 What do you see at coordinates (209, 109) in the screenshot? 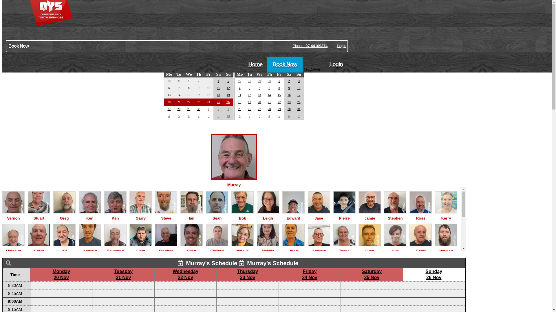
I see `'1'` at bounding box center [209, 109].